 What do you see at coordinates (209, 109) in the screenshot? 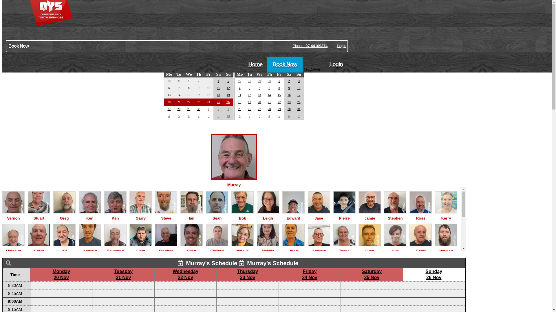
I see `'1'` at bounding box center [209, 109].